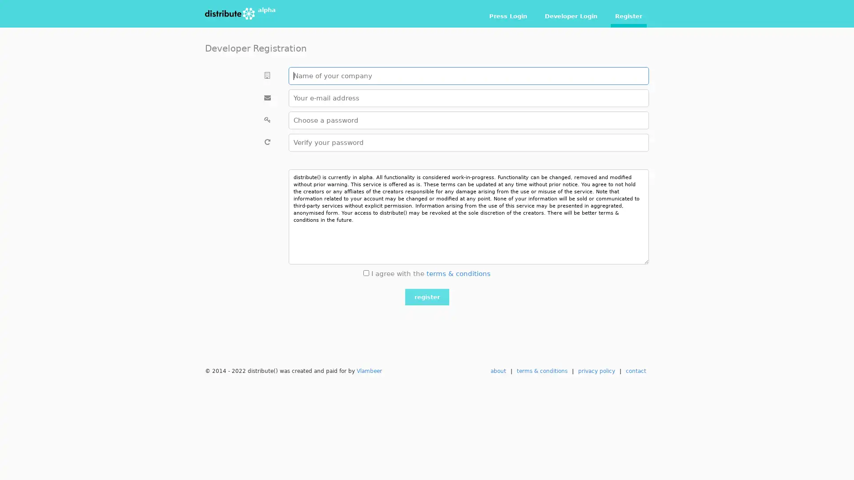  Describe the element at coordinates (426, 297) in the screenshot. I see `register` at that location.